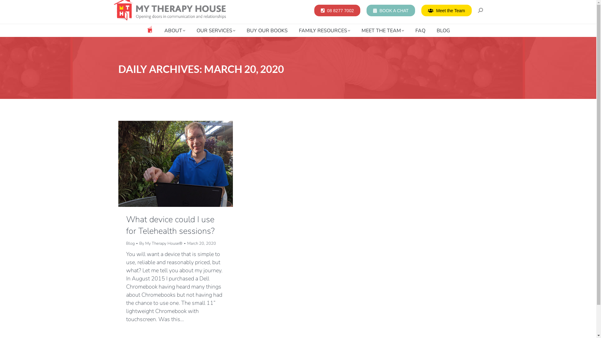  Describe the element at coordinates (130, 243) in the screenshot. I see `'Blog'` at that location.